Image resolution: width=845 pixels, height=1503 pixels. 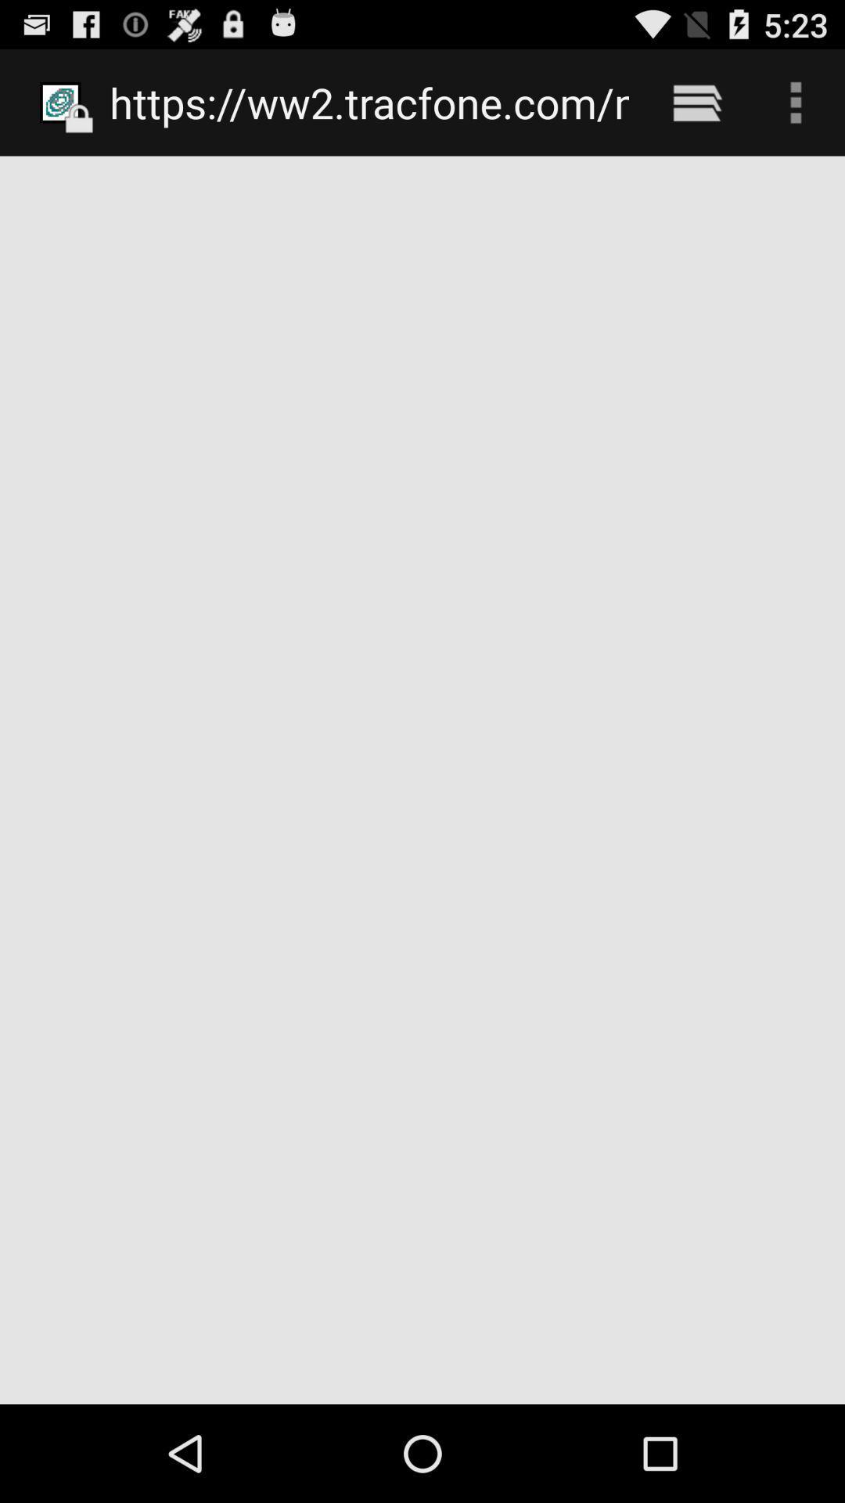 I want to click on the https ww2 tracfone item, so click(x=369, y=102).